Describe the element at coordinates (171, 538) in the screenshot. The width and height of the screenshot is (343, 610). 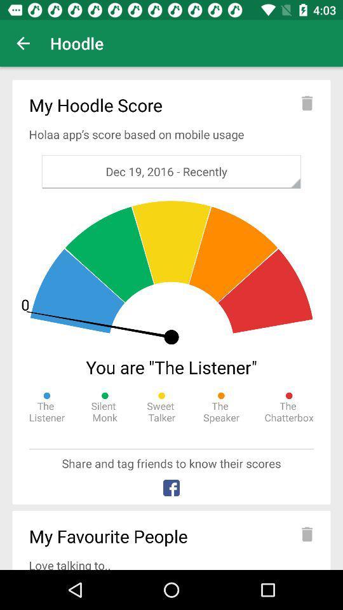
I see `2 lines text which is below facebook icon on the page` at that location.